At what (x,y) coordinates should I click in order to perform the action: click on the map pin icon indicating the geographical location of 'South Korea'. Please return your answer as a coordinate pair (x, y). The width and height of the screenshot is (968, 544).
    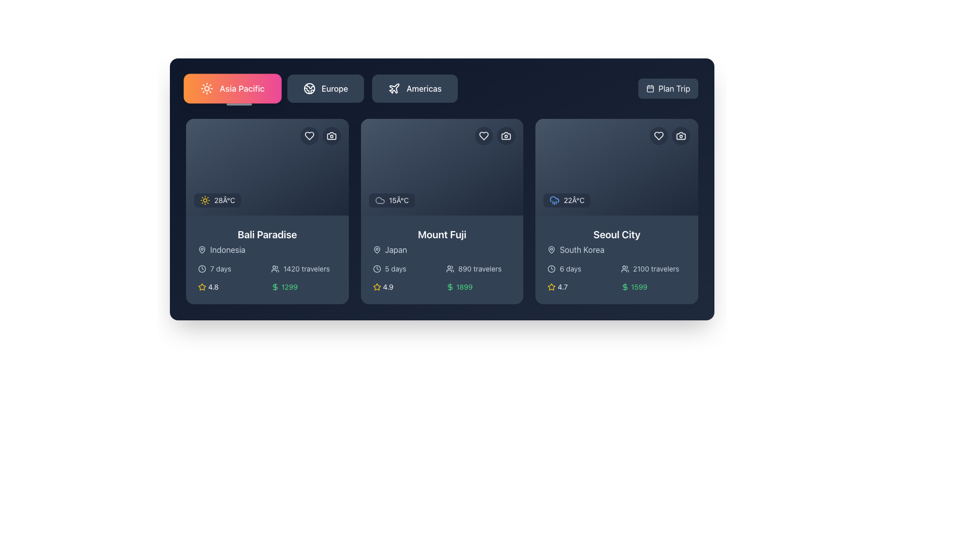
    Looking at the image, I should click on (551, 249).